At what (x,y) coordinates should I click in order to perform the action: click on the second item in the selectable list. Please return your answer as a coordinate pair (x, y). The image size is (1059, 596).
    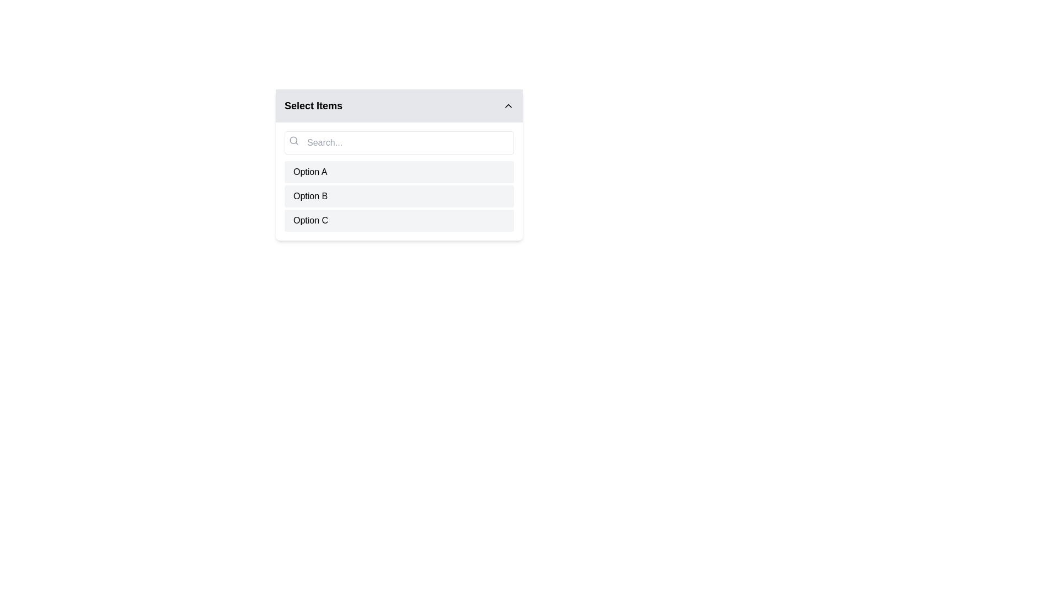
    Looking at the image, I should click on (399, 195).